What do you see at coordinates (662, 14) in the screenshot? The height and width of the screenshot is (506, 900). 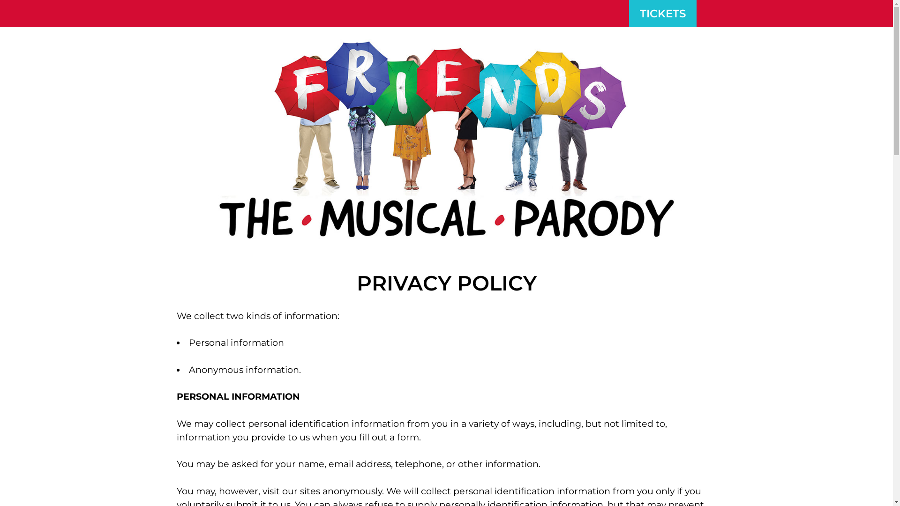 I see `'TICKETS'` at bounding box center [662, 14].